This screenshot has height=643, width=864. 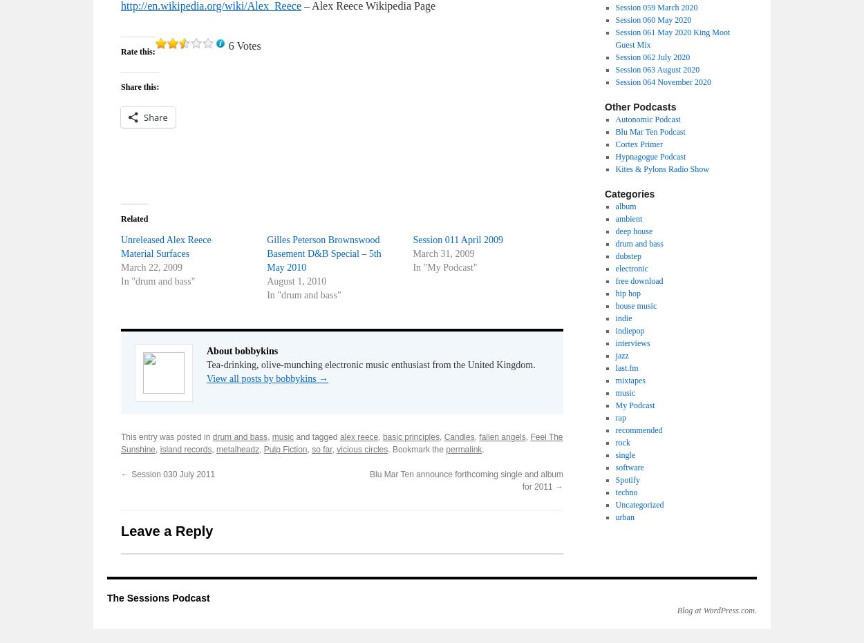 I want to click on 'The Sessions Podcast', so click(x=158, y=598).